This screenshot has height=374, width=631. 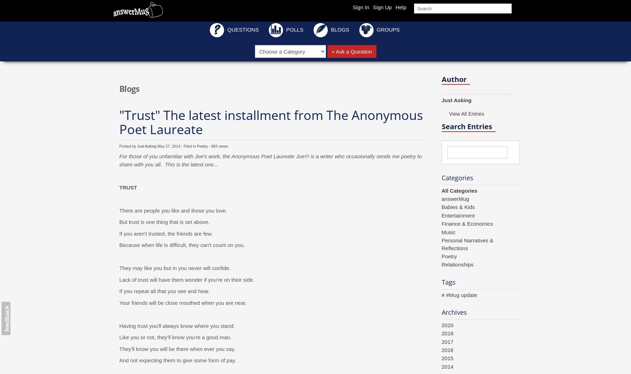 What do you see at coordinates (294, 29) in the screenshot?
I see `'Polls'` at bounding box center [294, 29].